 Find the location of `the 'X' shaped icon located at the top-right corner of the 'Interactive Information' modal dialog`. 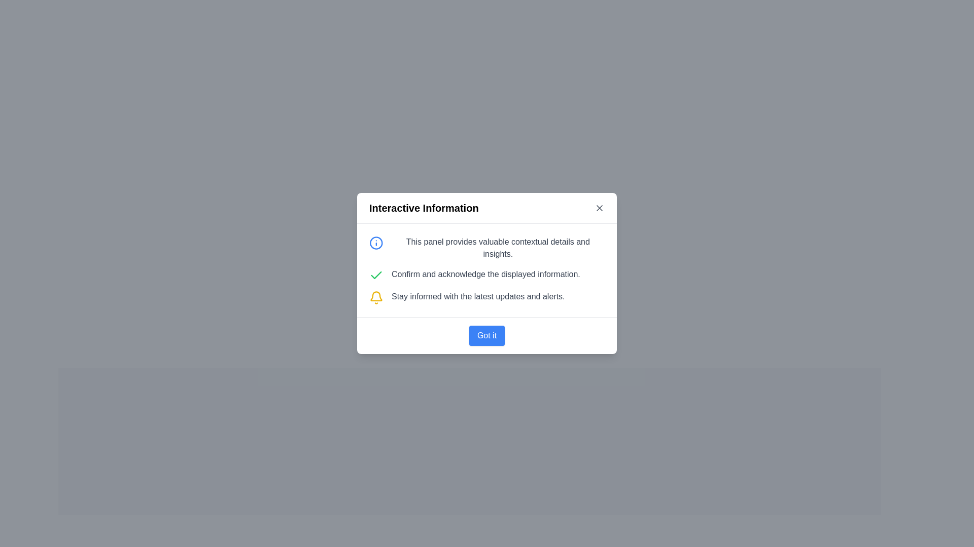

the 'X' shaped icon located at the top-right corner of the 'Interactive Information' modal dialog is located at coordinates (599, 208).